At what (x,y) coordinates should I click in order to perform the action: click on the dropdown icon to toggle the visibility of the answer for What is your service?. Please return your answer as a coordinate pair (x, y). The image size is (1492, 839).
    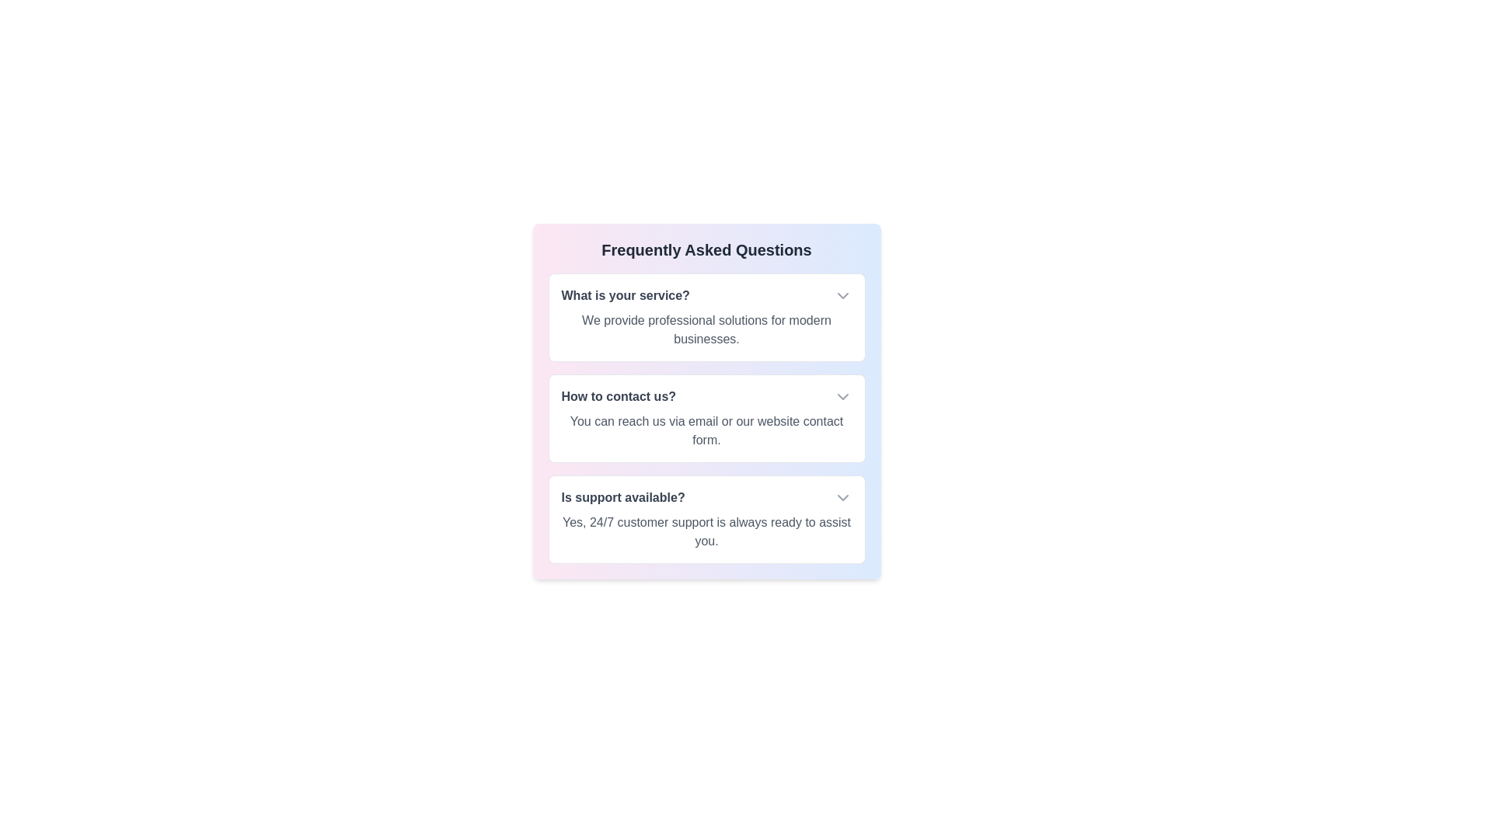
    Looking at the image, I should click on (842, 296).